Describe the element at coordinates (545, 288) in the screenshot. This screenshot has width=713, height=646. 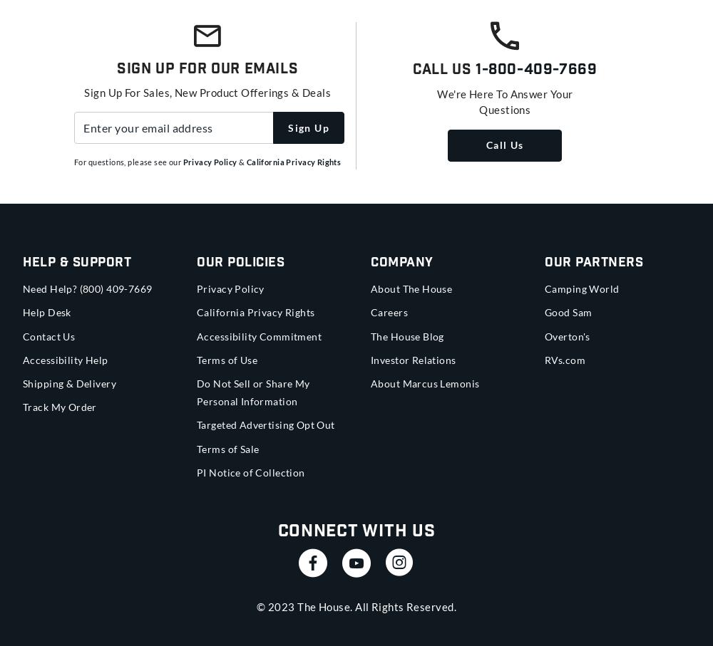
I see `'Camping World'` at that location.